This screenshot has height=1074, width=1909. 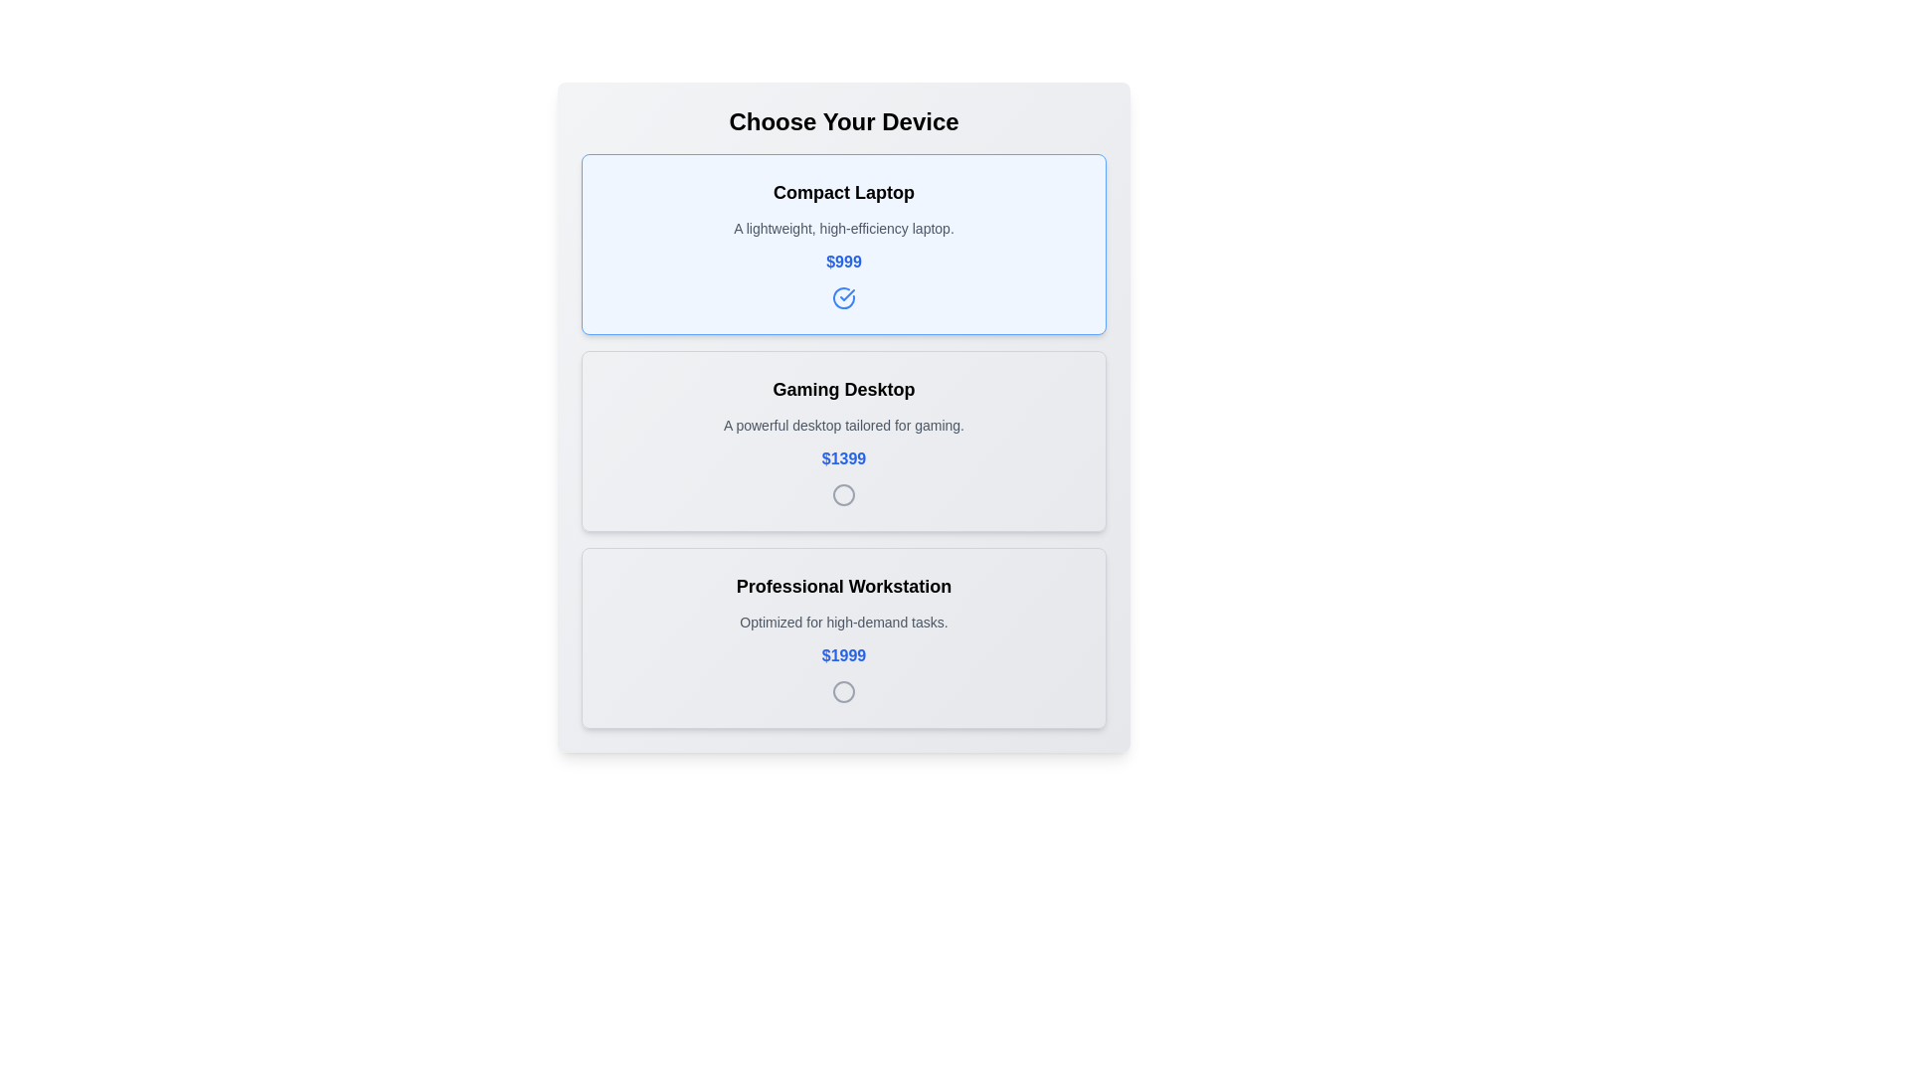 What do you see at coordinates (844, 586) in the screenshot?
I see `title text that identifies the 'Professional Workstation' located at the top of the bordered box containing product details` at bounding box center [844, 586].